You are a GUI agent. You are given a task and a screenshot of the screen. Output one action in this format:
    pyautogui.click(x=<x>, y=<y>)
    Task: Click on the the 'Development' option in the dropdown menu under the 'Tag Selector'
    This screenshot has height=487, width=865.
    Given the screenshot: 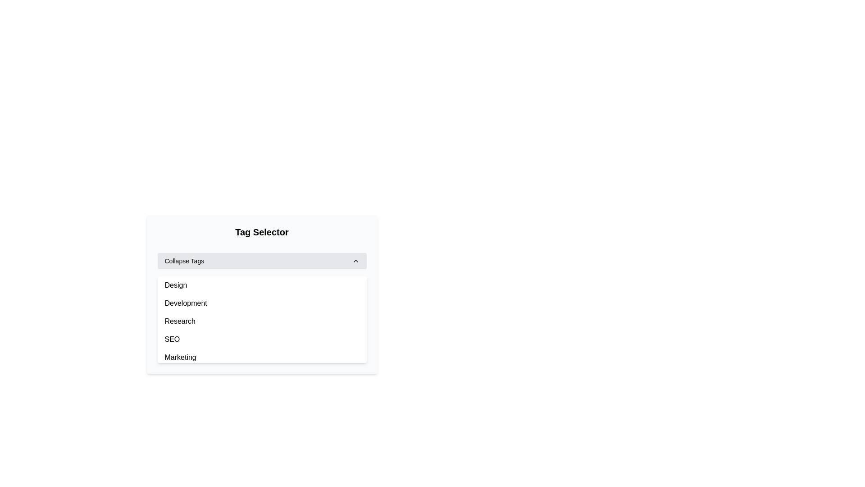 What is the action you would take?
    pyautogui.click(x=261, y=303)
    